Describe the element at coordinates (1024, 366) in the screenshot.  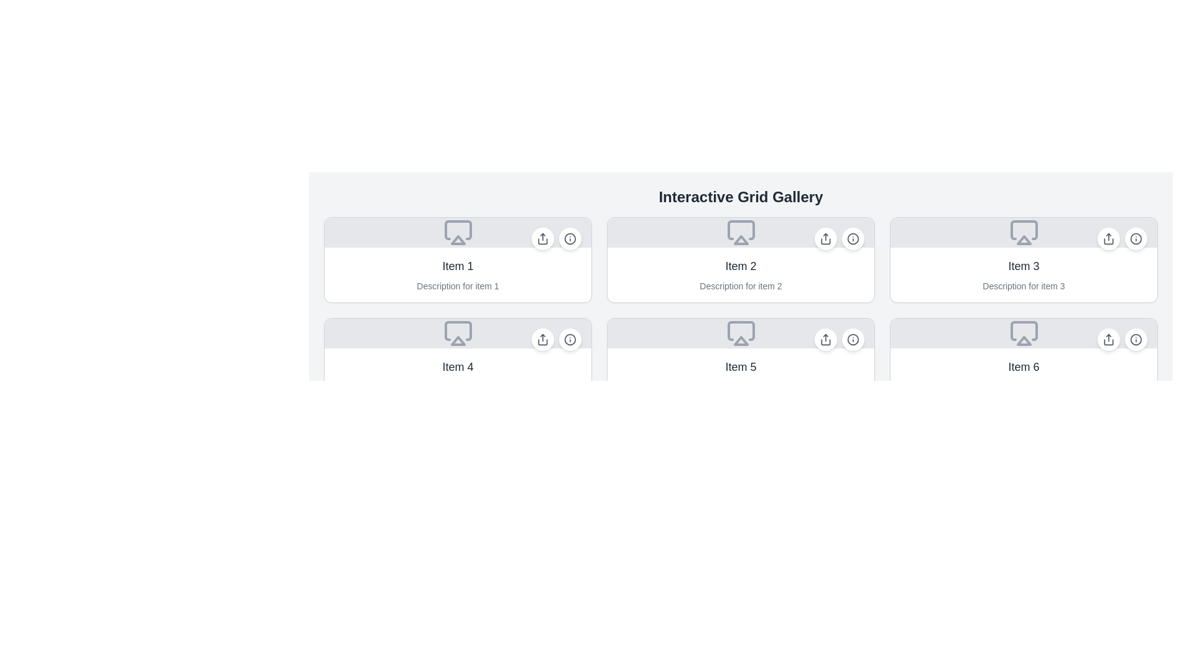
I see `text label that displays 'Item 6', which is styled with a medium font size and gray color, located in the bottom-right card of a 2-row, 3-column grid layout` at that location.